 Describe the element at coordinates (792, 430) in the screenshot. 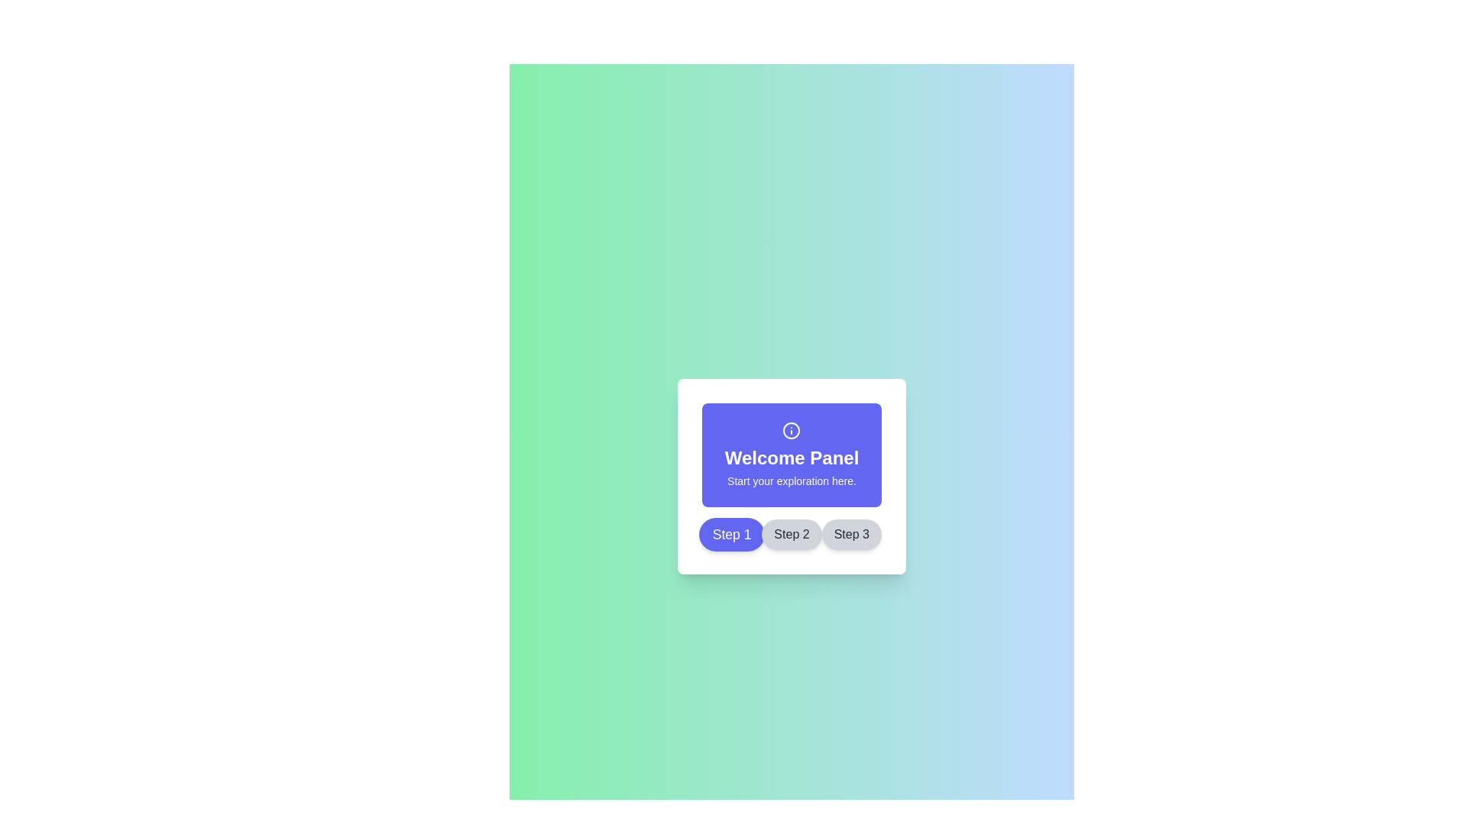

I see `the SVG Circle that represents an informational or decorative feature within the 'Welcome Panel' card in the onboarding interface` at that location.